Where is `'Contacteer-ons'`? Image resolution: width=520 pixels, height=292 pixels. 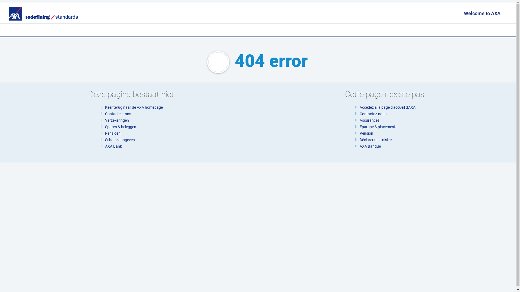
'Contacteer-ons' is located at coordinates (118, 113).